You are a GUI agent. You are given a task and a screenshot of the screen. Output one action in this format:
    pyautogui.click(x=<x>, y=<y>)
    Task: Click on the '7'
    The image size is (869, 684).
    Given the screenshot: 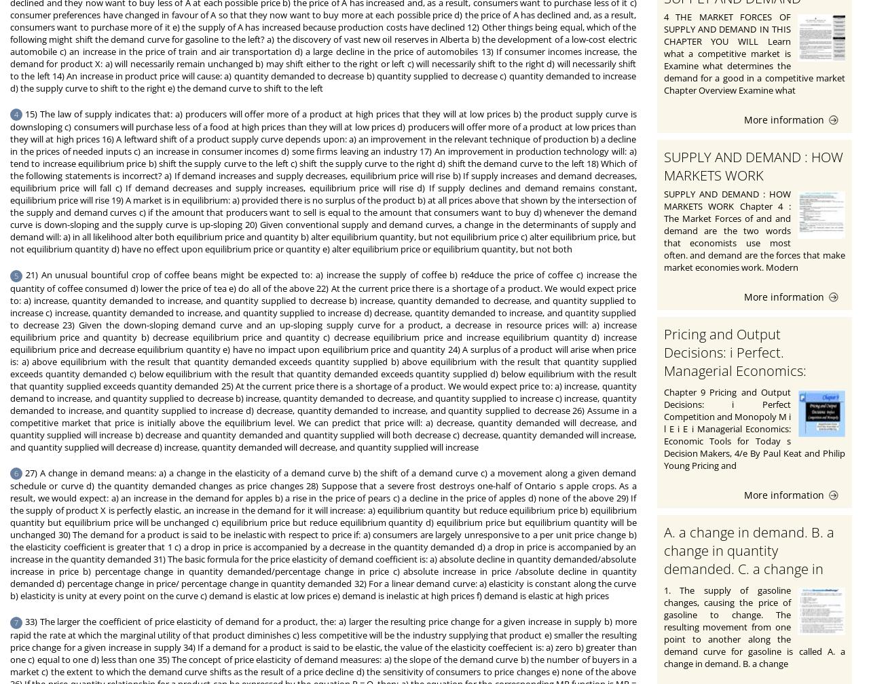 What is the action you would take?
    pyautogui.click(x=16, y=622)
    